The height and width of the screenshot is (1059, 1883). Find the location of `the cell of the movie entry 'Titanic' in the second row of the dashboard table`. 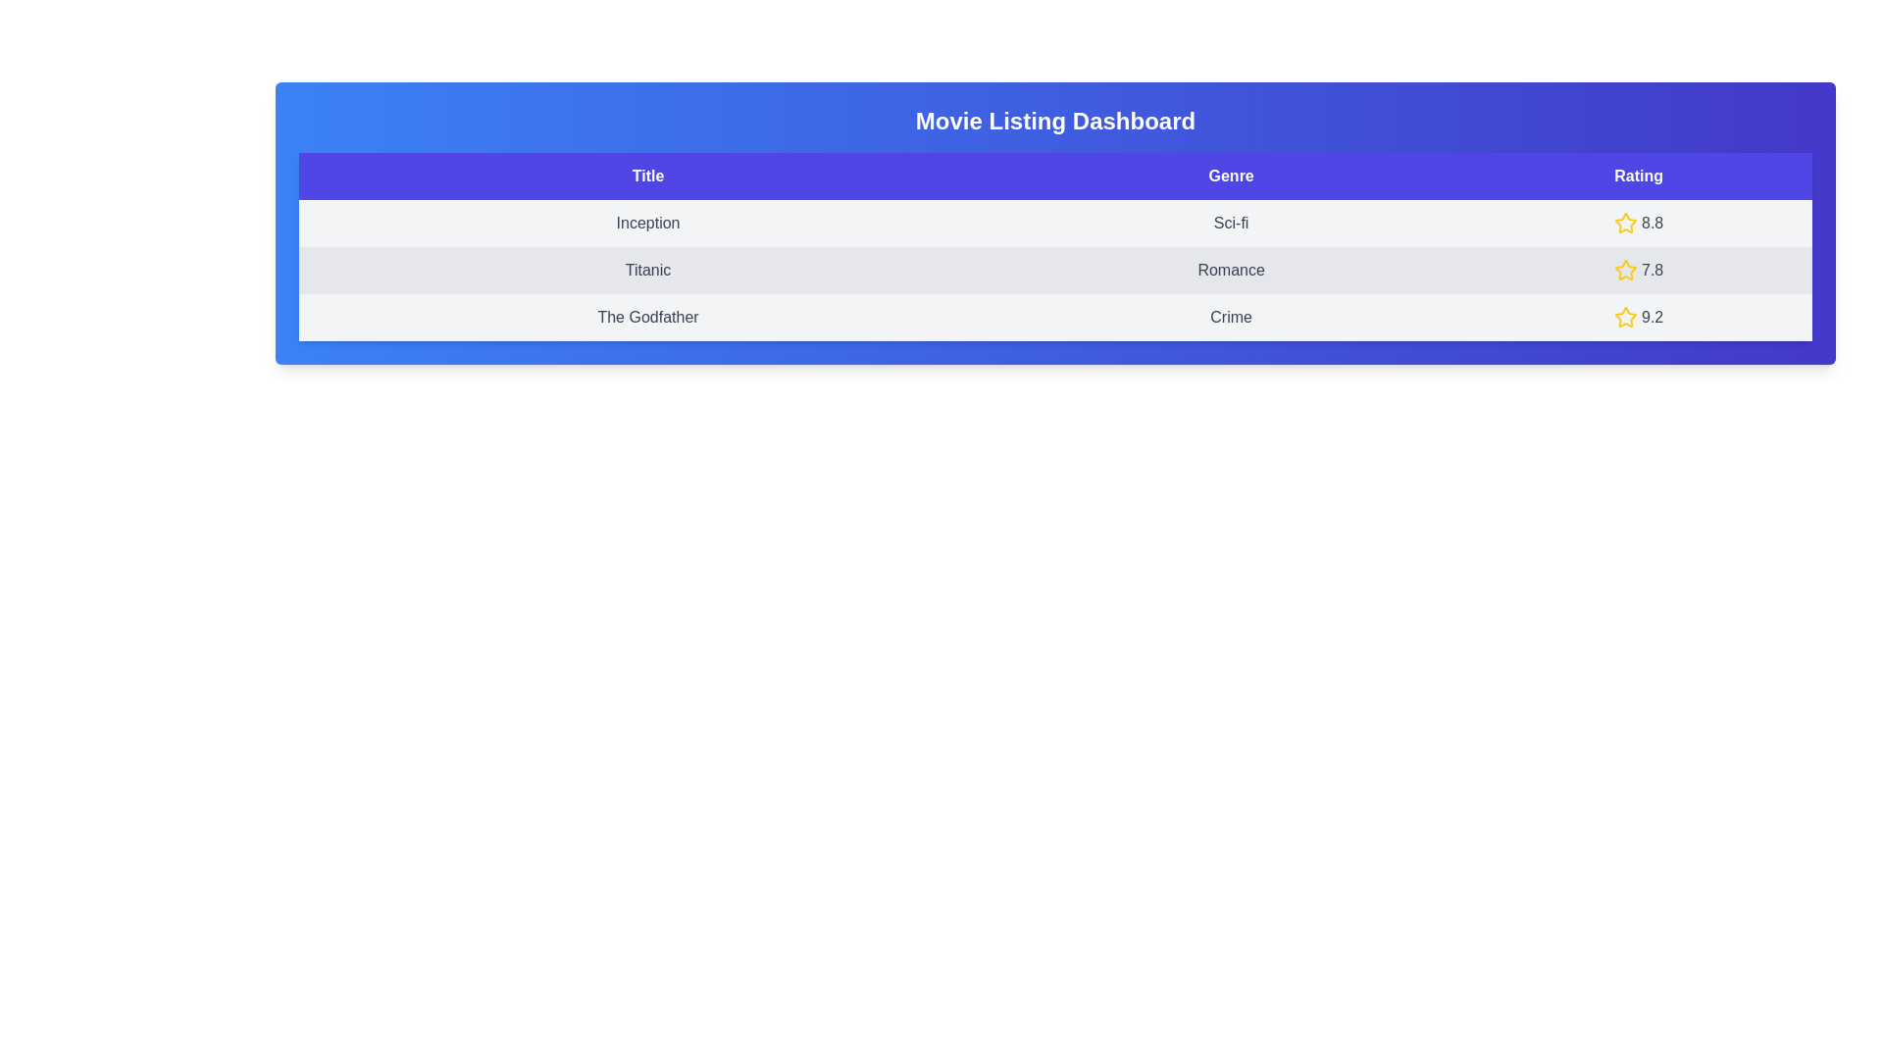

the cell of the movie entry 'Titanic' in the second row of the dashboard table is located at coordinates (1054, 271).